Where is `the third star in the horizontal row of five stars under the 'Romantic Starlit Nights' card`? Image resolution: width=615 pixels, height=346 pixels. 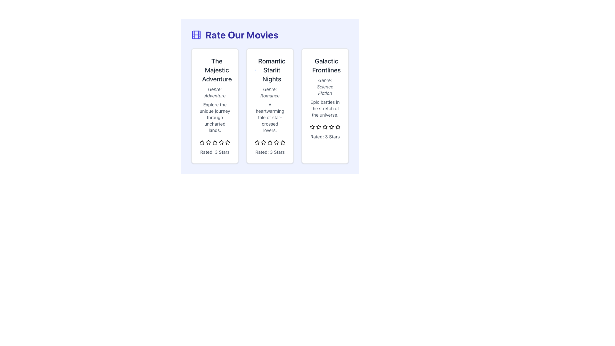 the third star in the horizontal row of five stars under the 'Romantic Starlit Nights' card is located at coordinates (270, 142).